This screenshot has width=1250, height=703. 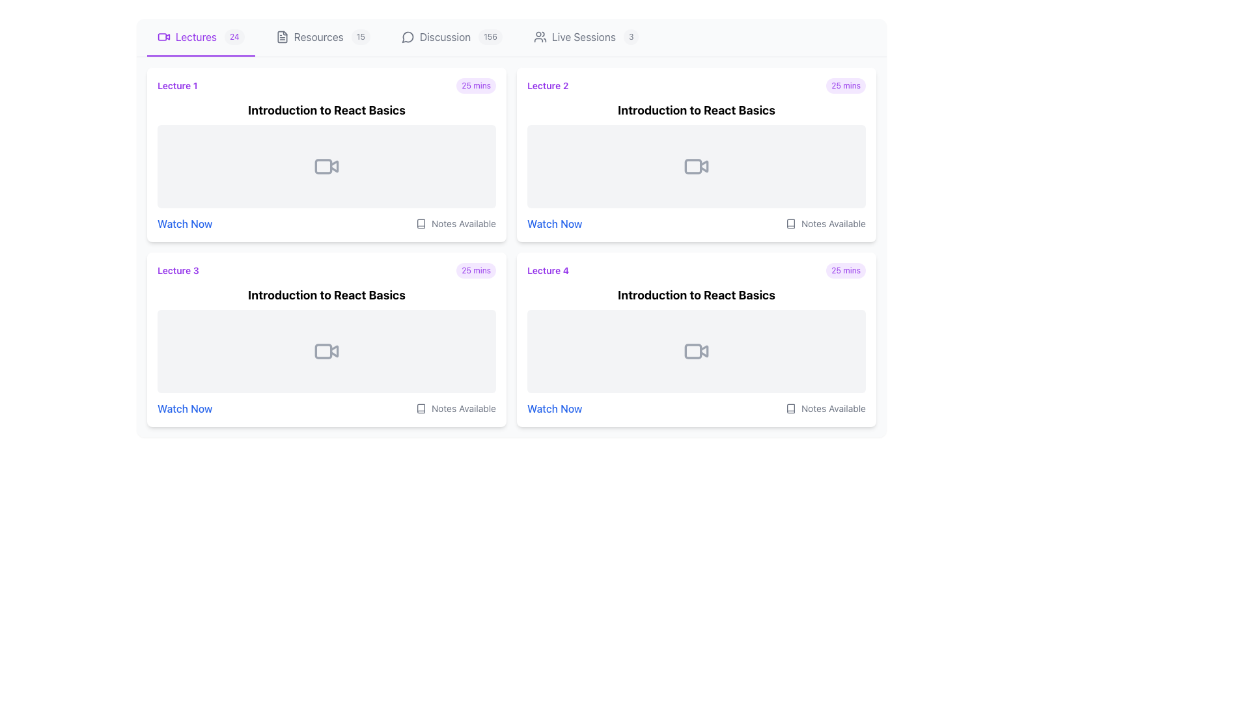 I want to click on the 'Watch Now' interactive link, which is styled with a blue font color and serves as a button, so click(x=184, y=223).